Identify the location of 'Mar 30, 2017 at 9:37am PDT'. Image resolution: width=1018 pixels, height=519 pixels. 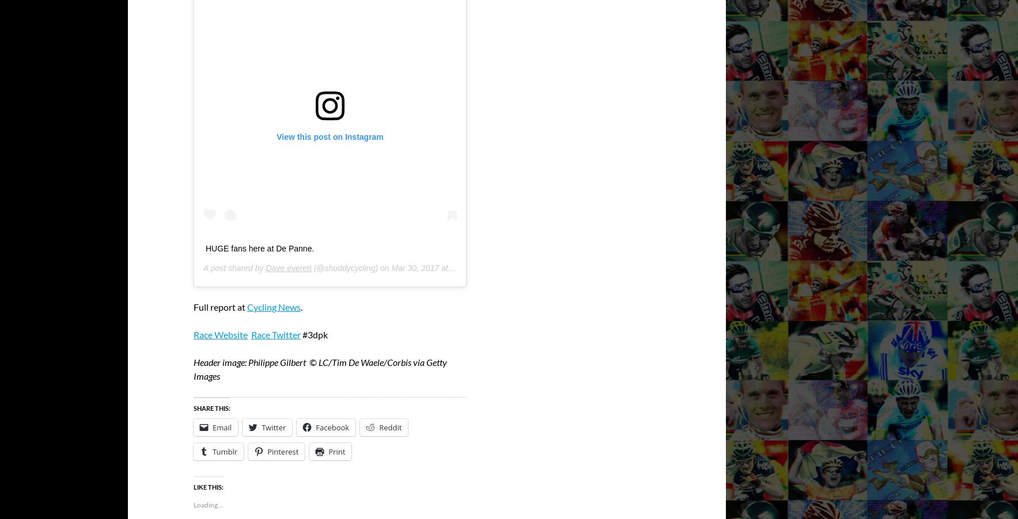
(442, 267).